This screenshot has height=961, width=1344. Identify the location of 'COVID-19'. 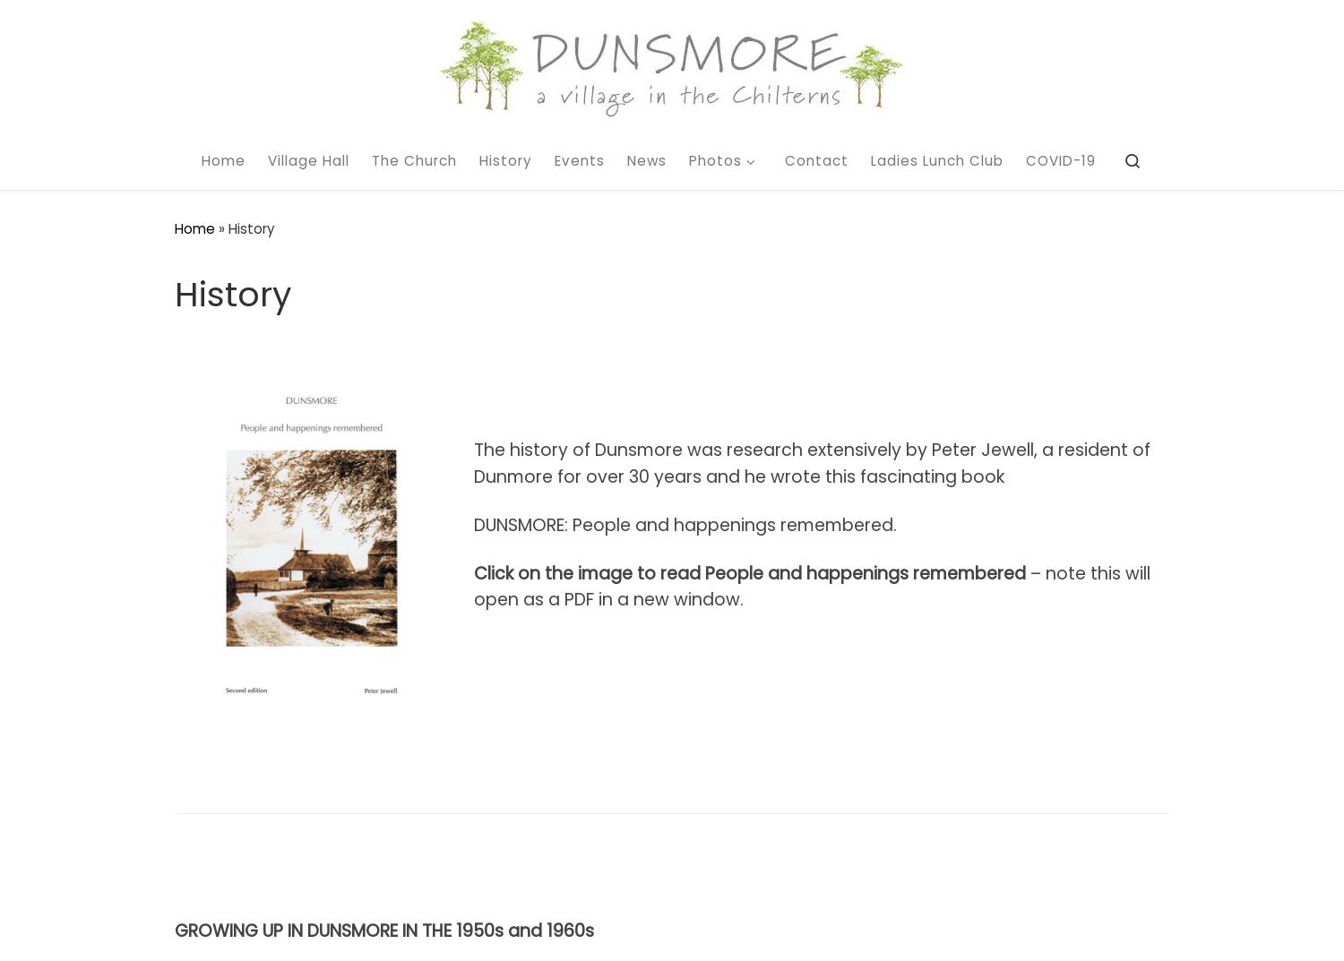
(1025, 159).